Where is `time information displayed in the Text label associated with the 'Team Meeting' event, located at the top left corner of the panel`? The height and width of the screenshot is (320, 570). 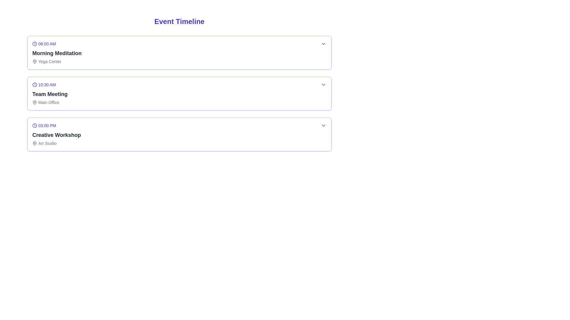
time information displayed in the Text label associated with the 'Team Meeting' event, located at the top left corner of the panel is located at coordinates (50, 84).